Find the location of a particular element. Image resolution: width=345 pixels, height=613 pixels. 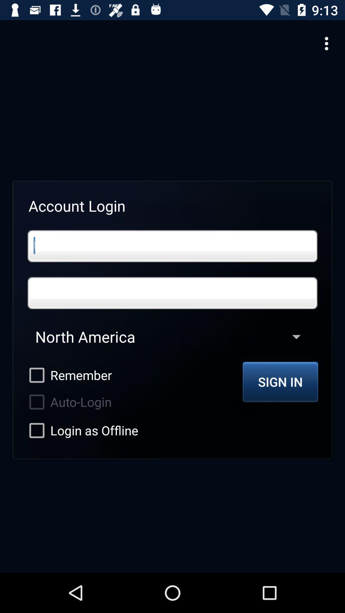

login credentials is located at coordinates (172, 246).